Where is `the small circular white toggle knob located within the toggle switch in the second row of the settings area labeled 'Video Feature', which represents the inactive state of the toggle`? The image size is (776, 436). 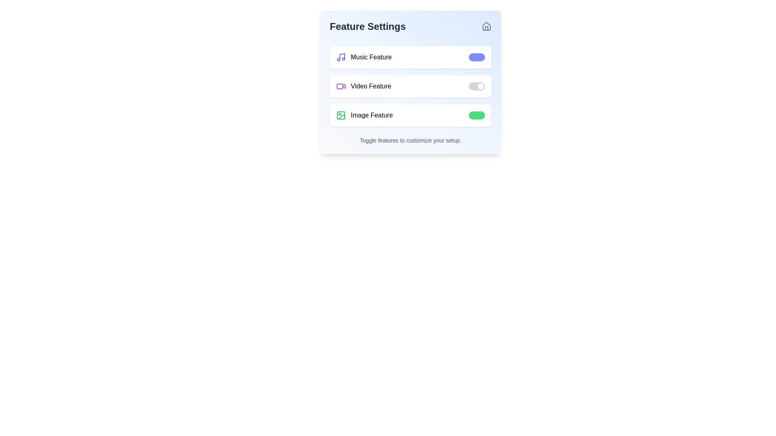
the small circular white toggle knob located within the toggle switch in the second row of the settings area labeled 'Video Feature', which represents the inactive state of the toggle is located at coordinates (481, 86).